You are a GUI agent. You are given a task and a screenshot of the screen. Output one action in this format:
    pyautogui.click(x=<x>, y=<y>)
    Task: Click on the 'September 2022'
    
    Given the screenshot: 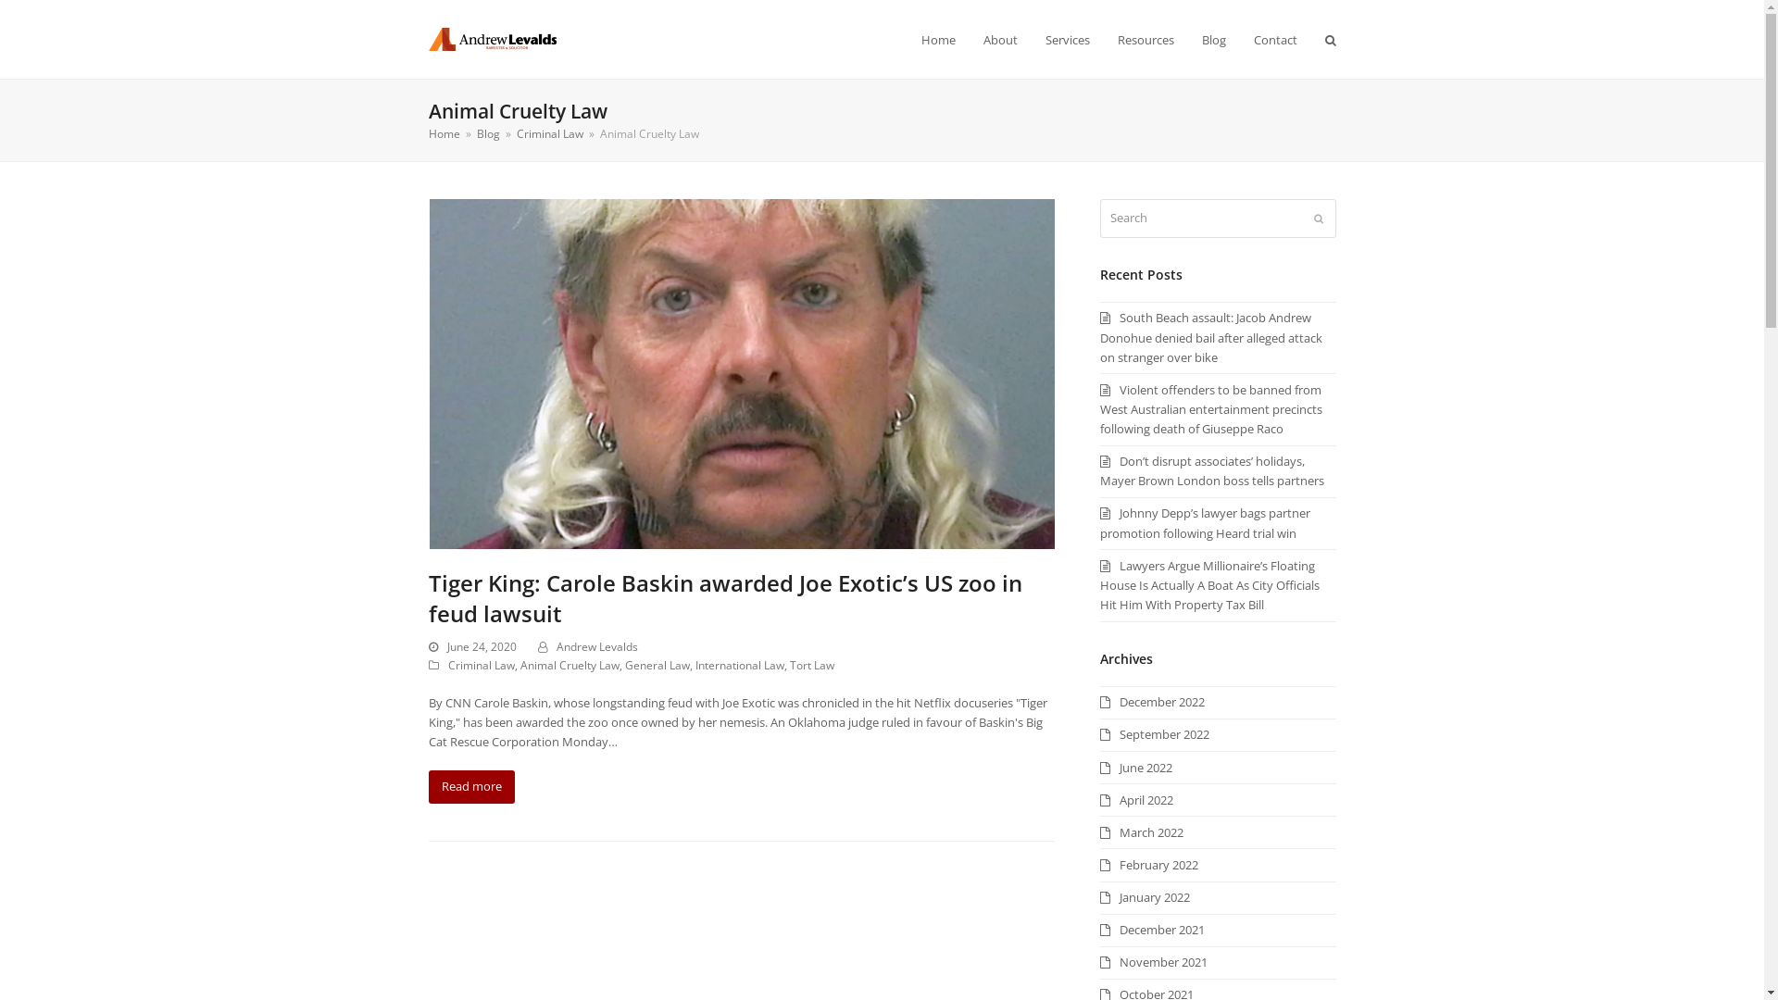 What is the action you would take?
    pyautogui.click(x=1154, y=733)
    